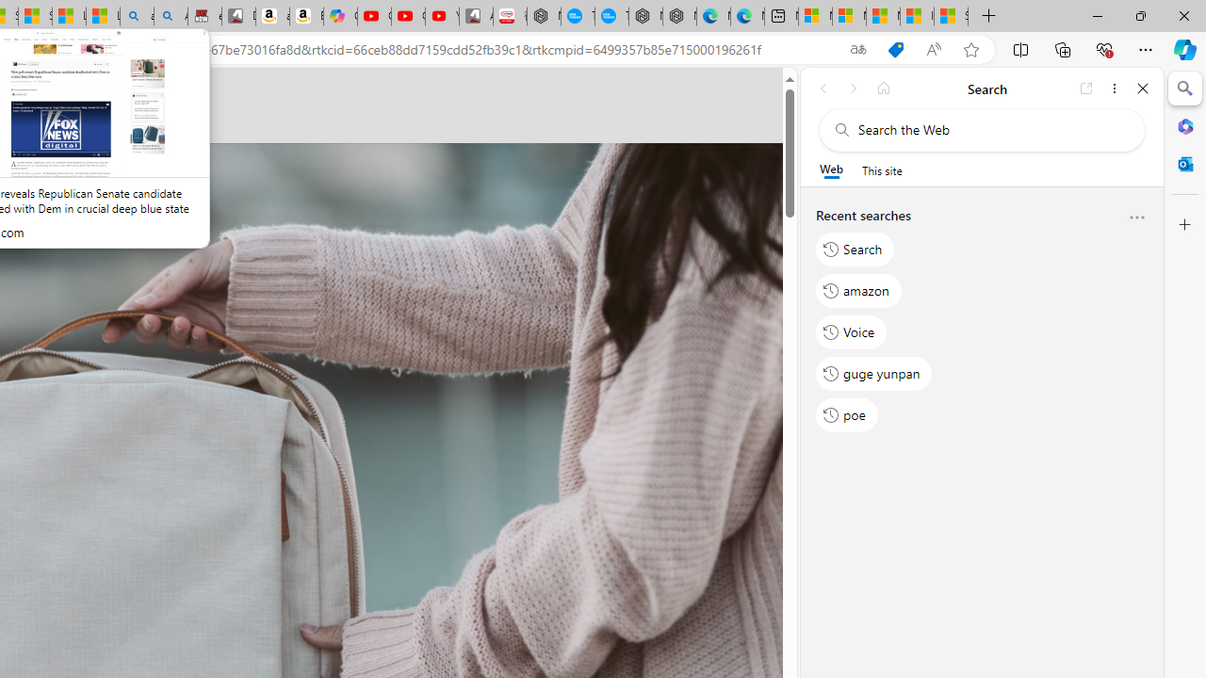 The height and width of the screenshot is (678, 1206). Describe the element at coordinates (895, 49) in the screenshot. I see `'This site has coupons! Shopping in Microsoft Edge'` at that location.